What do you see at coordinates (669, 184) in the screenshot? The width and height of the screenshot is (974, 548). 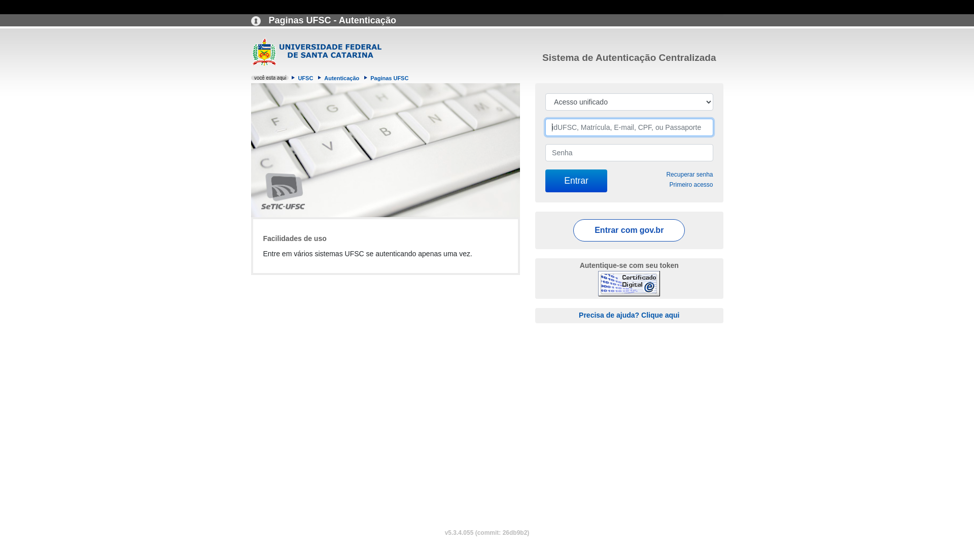 I see `'Primeiro acesso'` at bounding box center [669, 184].